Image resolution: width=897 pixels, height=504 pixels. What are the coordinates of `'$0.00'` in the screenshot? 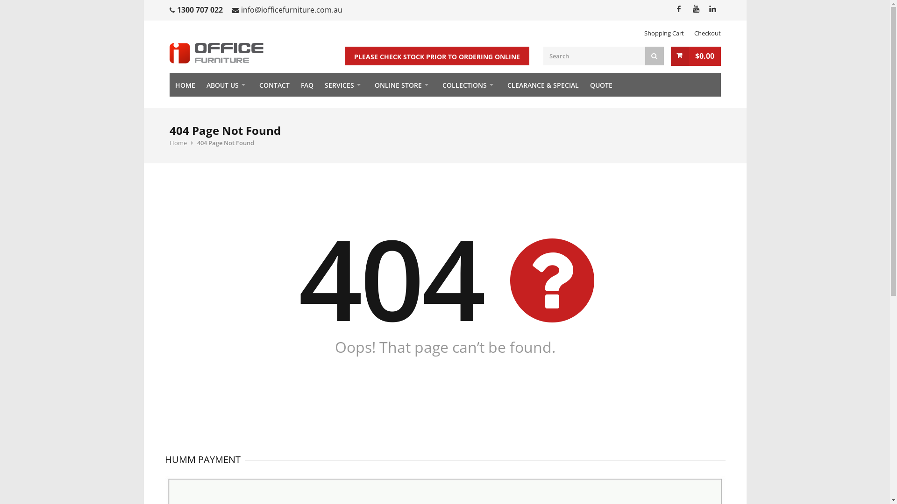 It's located at (696, 56).